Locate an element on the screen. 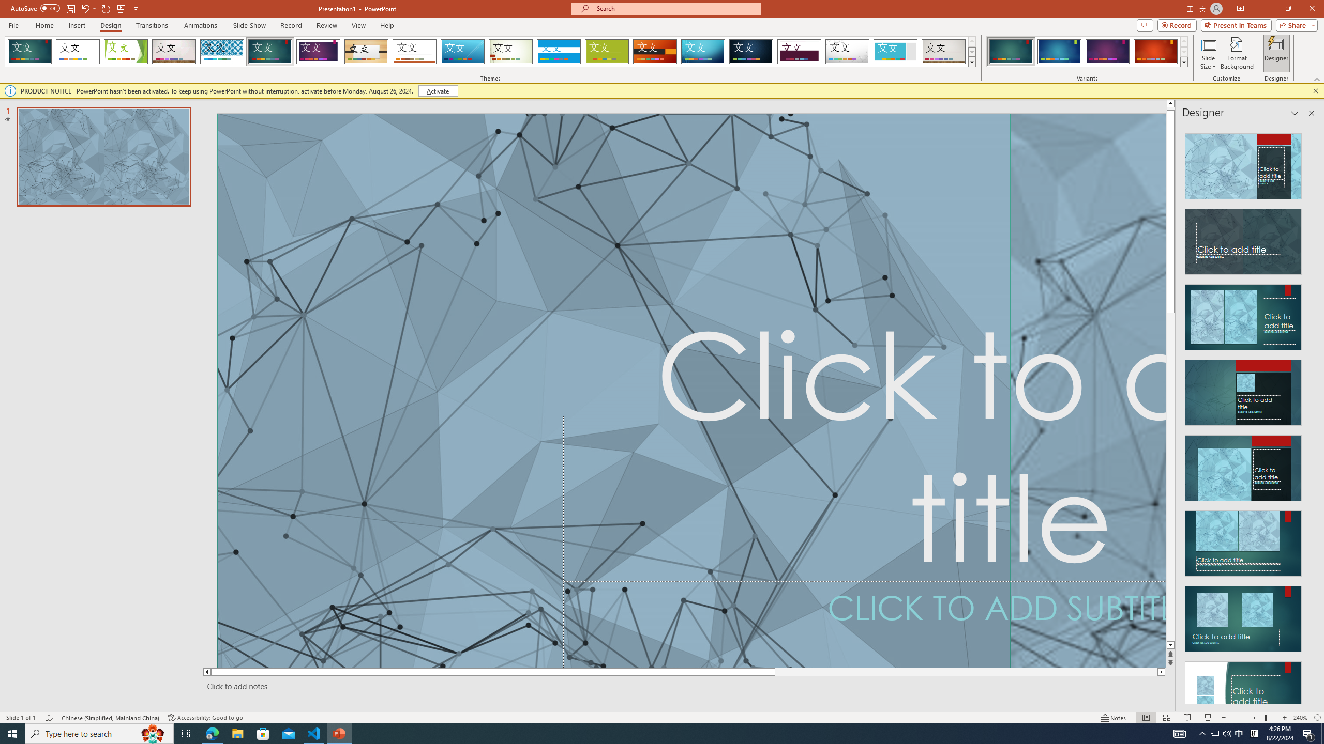  'Slide Sorter' is located at coordinates (1166, 718).